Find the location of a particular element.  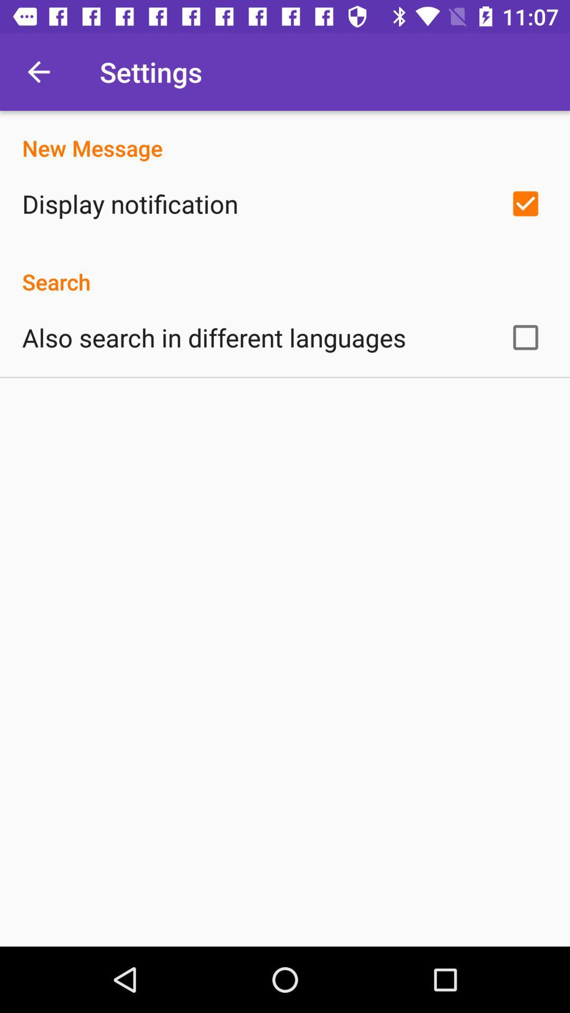

new message icon is located at coordinates (285, 136).